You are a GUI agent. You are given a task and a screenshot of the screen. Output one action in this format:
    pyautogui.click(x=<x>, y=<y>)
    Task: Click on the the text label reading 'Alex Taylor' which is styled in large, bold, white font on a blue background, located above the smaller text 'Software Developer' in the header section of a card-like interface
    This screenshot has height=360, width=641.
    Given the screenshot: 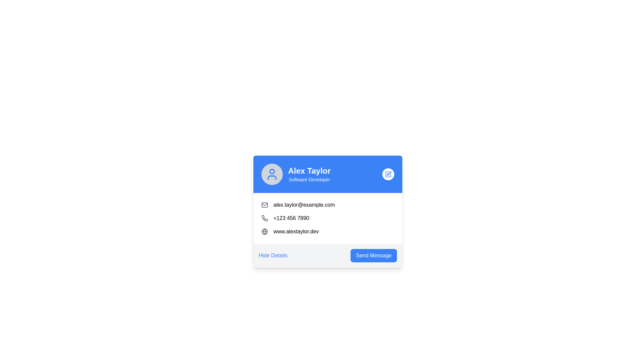 What is the action you would take?
    pyautogui.click(x=309, y=171)
    